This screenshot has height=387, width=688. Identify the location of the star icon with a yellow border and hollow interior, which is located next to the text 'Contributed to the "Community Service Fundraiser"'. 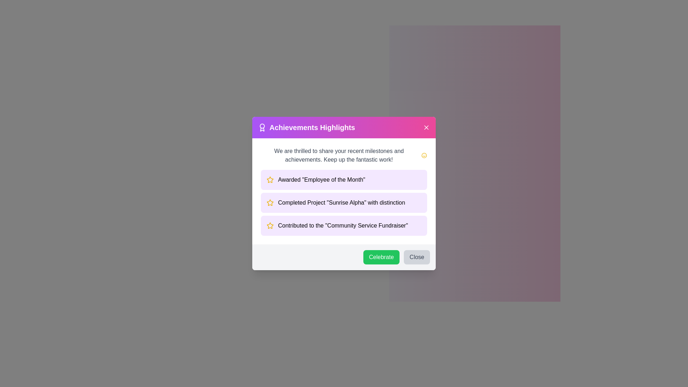
(269, 225).